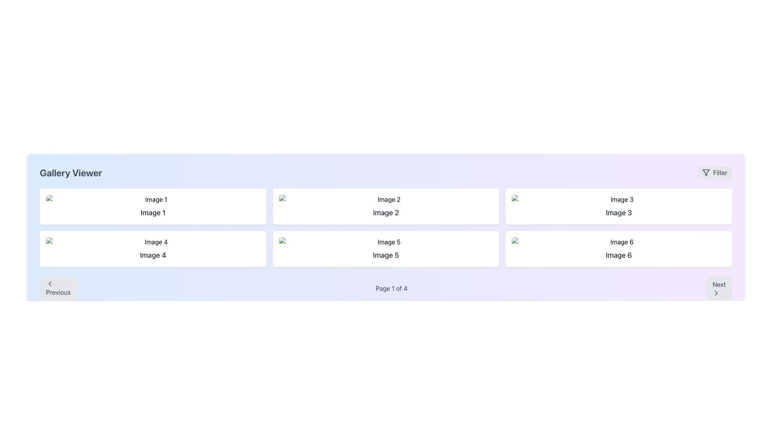 This screenshot has height=425, width=757. I want to click on the Text Label that describes the associated image in the card, so click(386, 213).